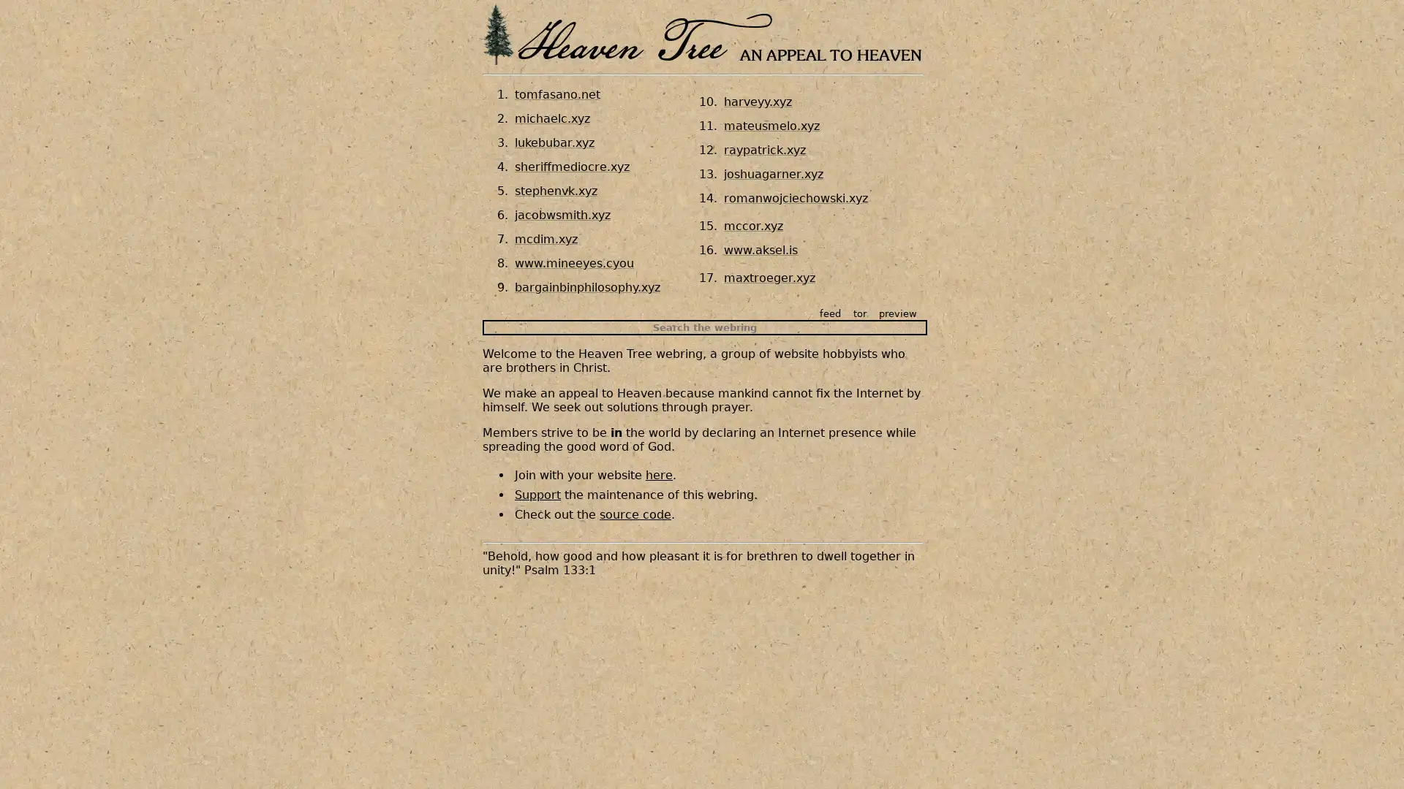  What do you see at coordinates (830, 313) in the screenshot?
I see `feed` at bounding box center [830, 313].